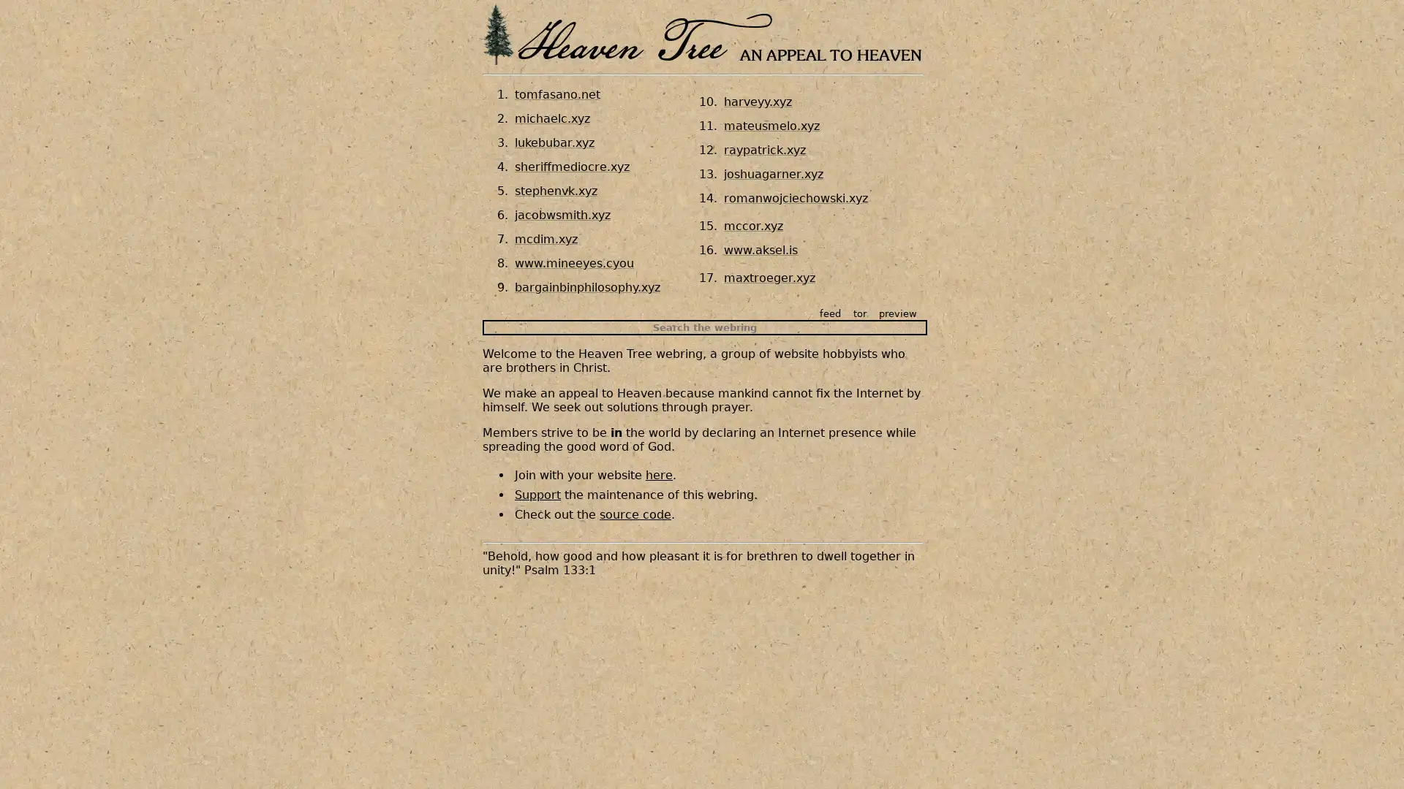  What do you see at coordinates (830, 313) in the screenshot?
I see `feed` at bounding box center [830, 313].